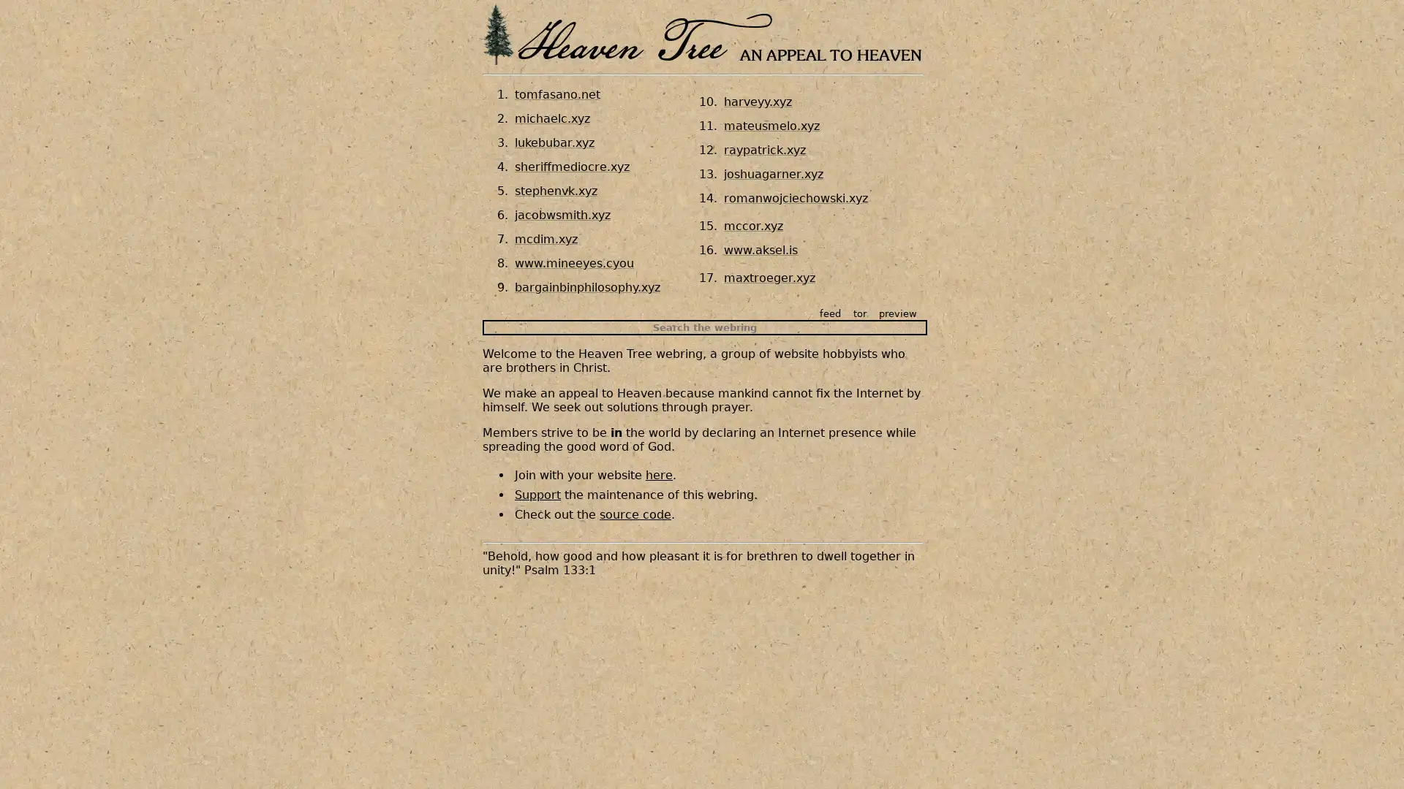  What do you see at coordinates (830, 313) in the screenshot?
I see `feed` at bounding box center [830, 313].